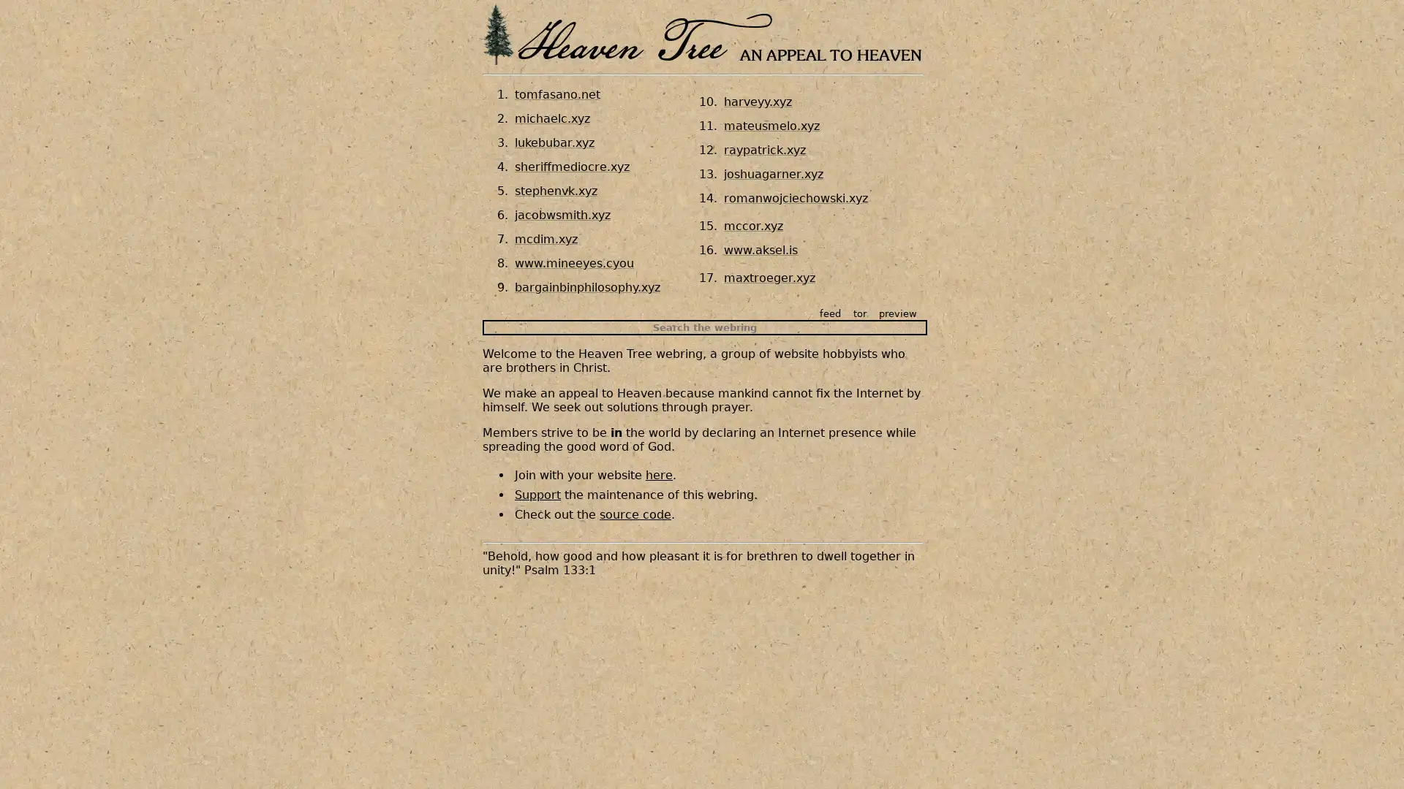  What do you see at coordinates (830, 313) in the screenshot?
I see `feed` at bounding box center [830, 313].